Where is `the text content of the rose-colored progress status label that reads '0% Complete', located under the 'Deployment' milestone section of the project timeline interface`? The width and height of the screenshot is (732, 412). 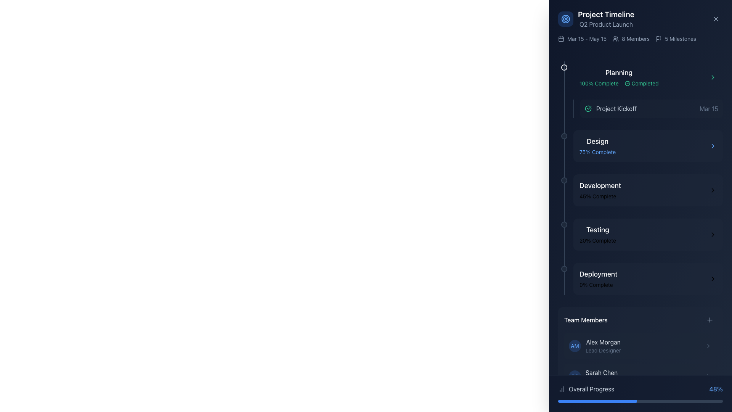 the text content of the rose-colored progress status label that reads '0% Complete', located under the 'Deployment' milestone section of the project timeline interface is located at coordinates (596, 285).